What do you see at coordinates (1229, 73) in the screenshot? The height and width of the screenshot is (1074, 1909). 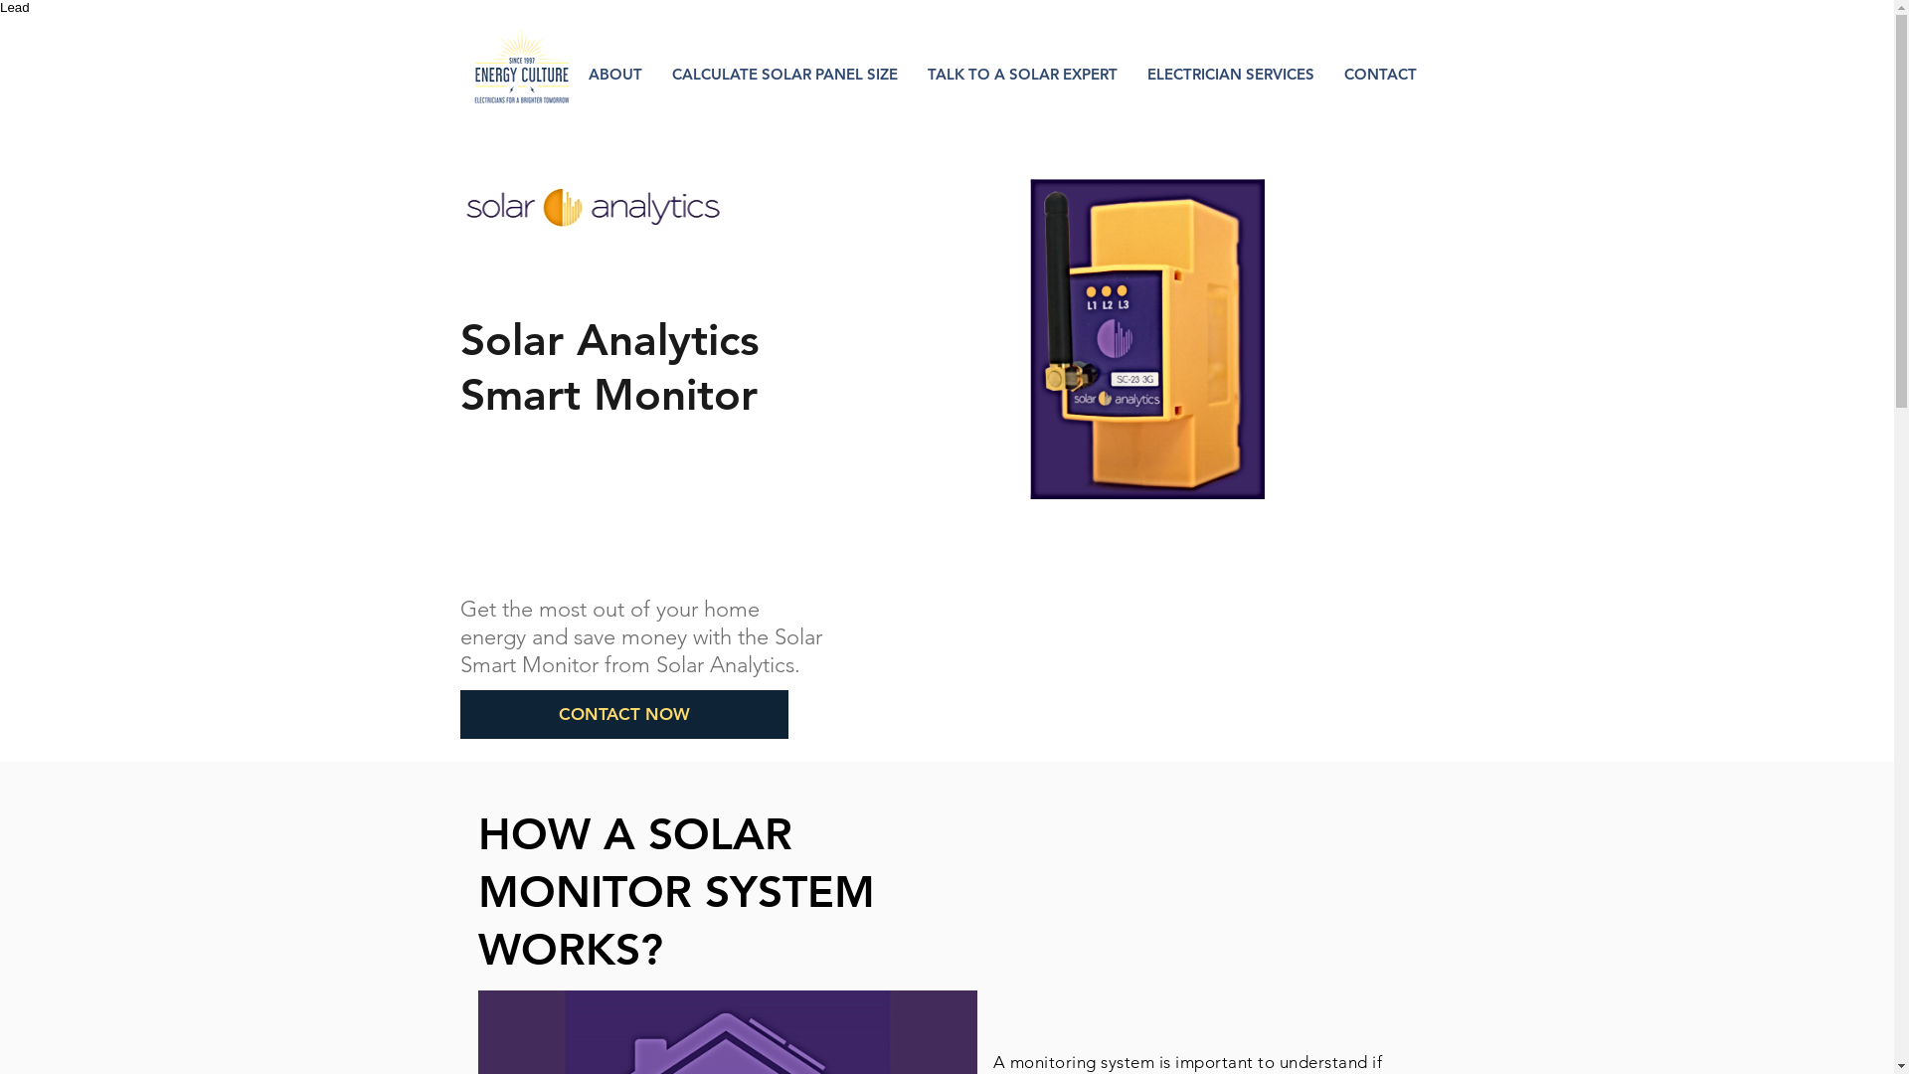 I see `'ELECTRICIAN SERVICES'` at bounding box center [1229, 73].